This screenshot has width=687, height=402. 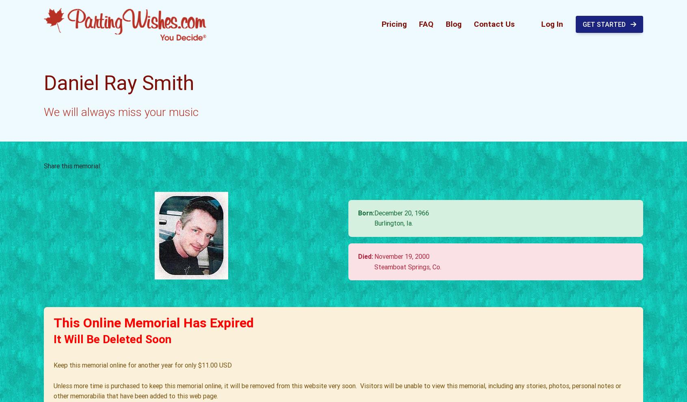 What do you see at coordinates (132, 137) in the screenshot?
I see `'Mom'` at bounding box center [132, 137].